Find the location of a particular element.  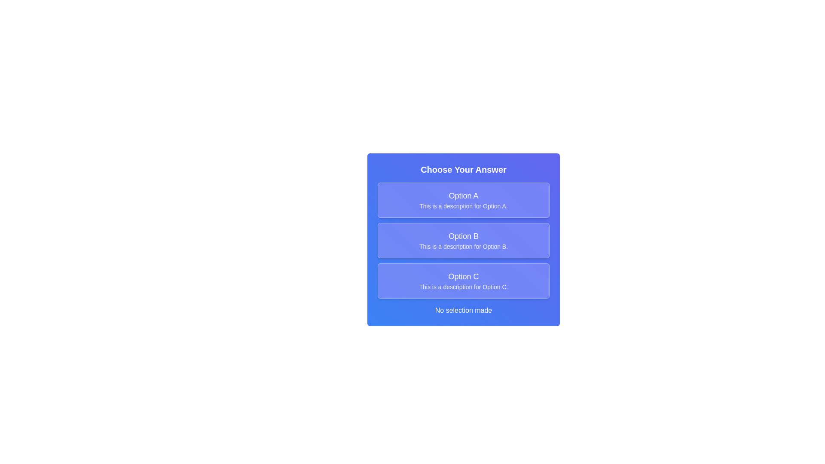

the blue rectangular button labeled 'Option A', which is the first button in a vertical list of three is located at coordinates (463, 200).